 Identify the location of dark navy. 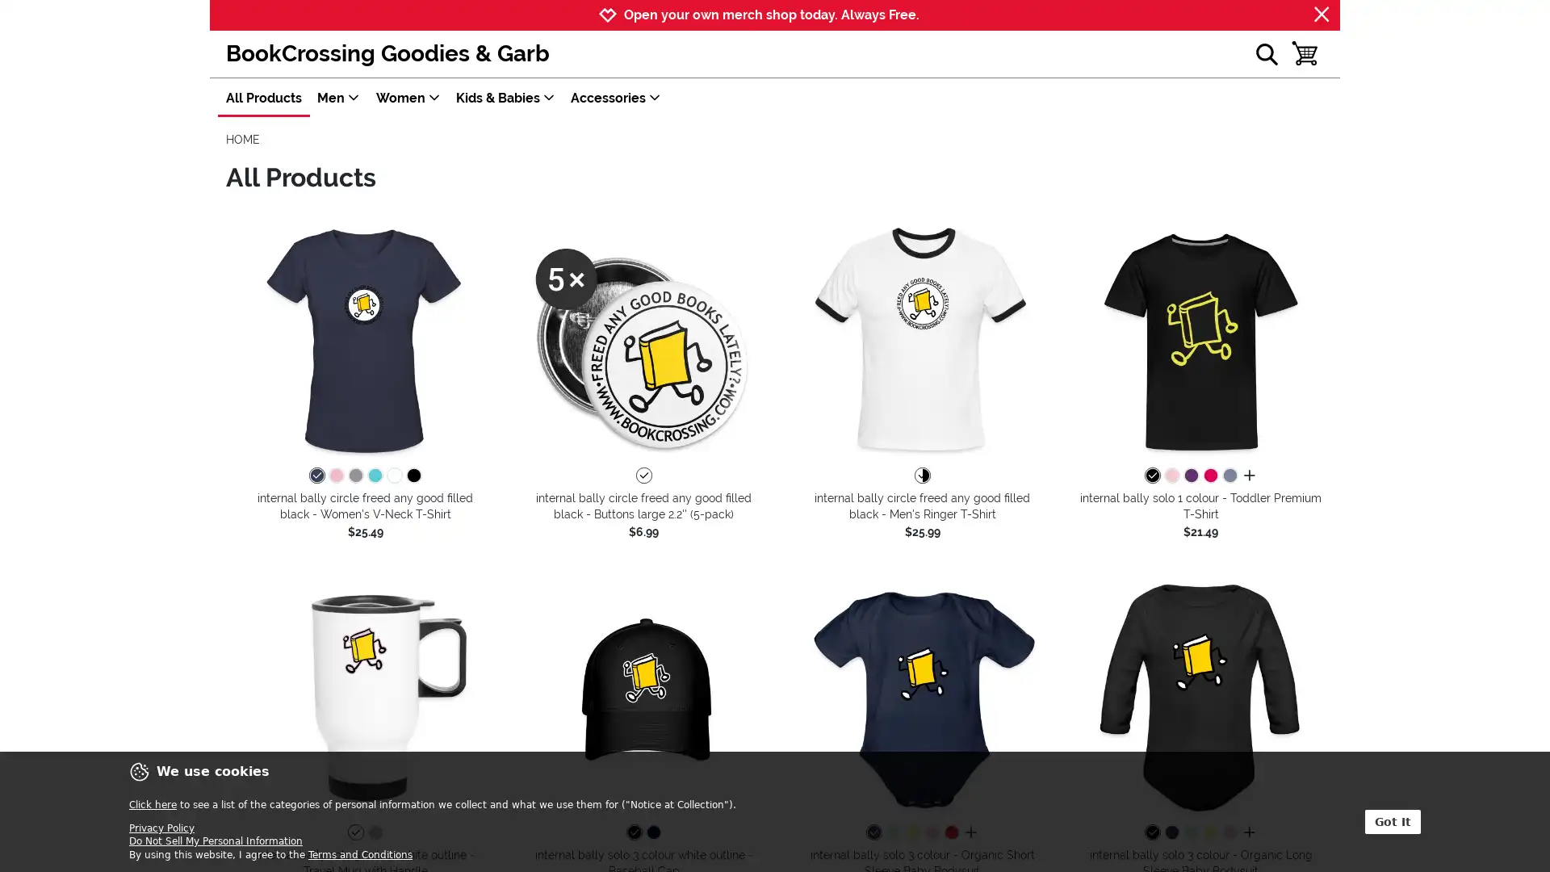
(1171, 833).